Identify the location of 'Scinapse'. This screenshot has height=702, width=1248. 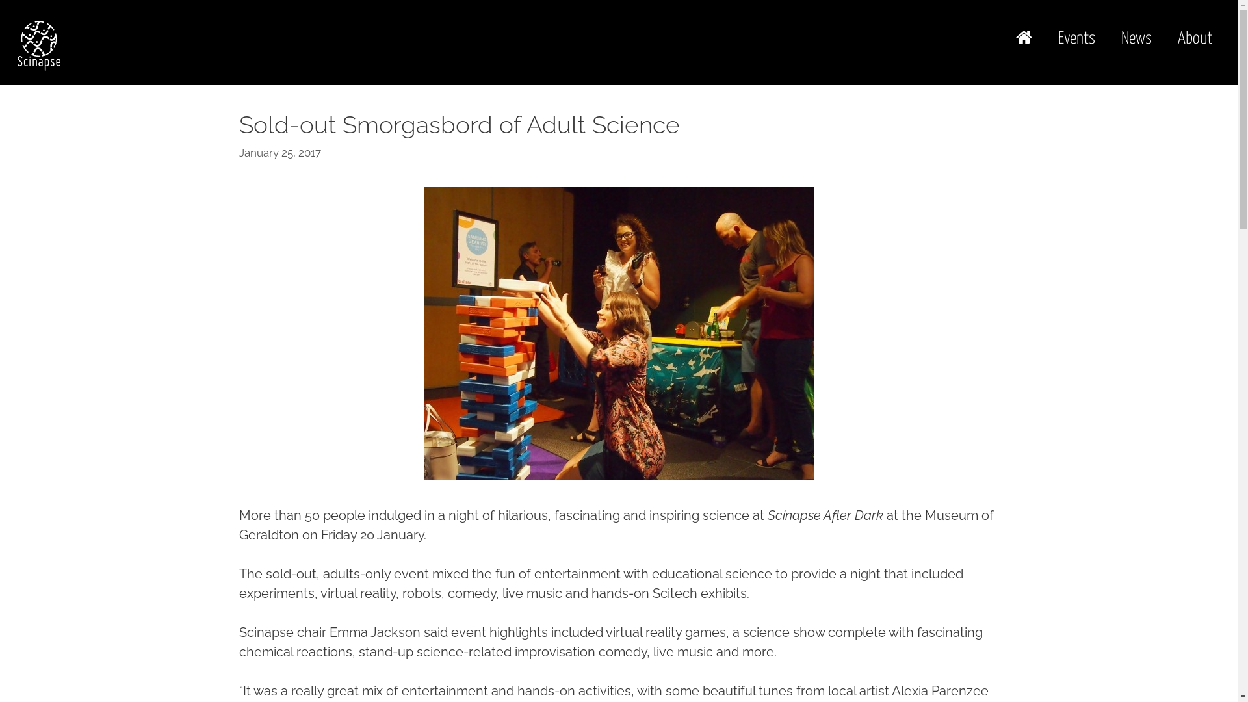
(38, 44).